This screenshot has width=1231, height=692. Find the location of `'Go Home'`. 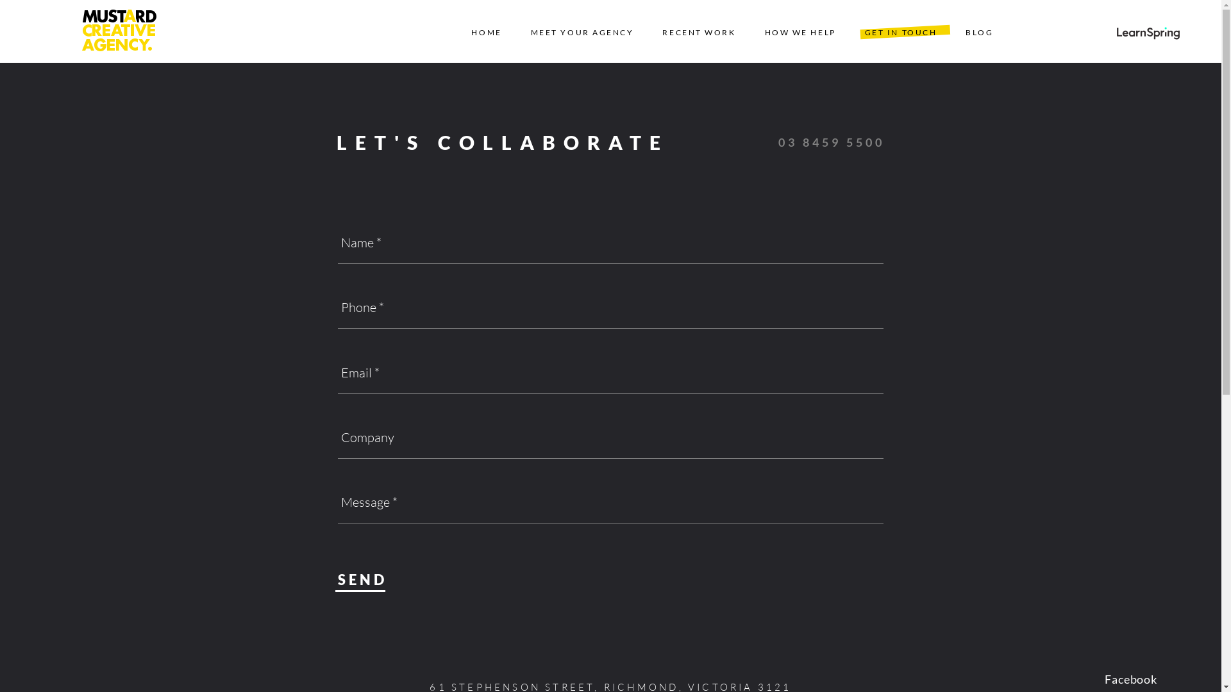

'Go Home' is located at coordinates (55, 31).